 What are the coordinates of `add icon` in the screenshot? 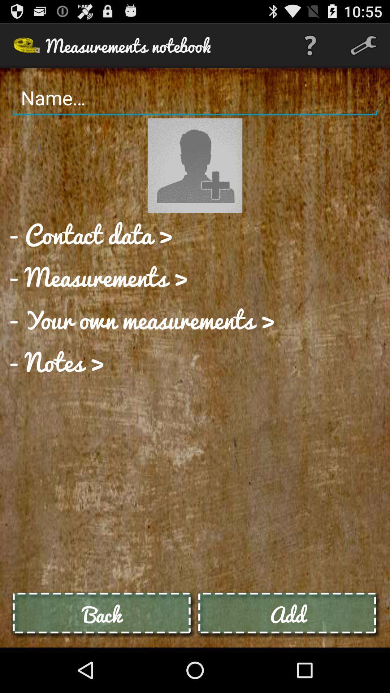 It's located at (287, 614).